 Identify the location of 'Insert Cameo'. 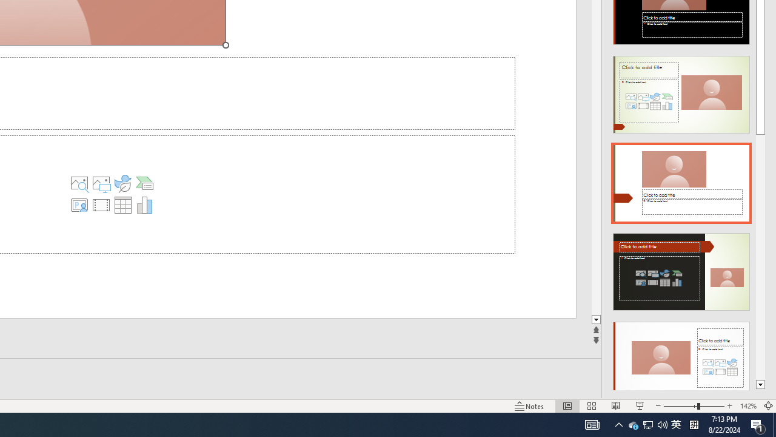
(79, 205).